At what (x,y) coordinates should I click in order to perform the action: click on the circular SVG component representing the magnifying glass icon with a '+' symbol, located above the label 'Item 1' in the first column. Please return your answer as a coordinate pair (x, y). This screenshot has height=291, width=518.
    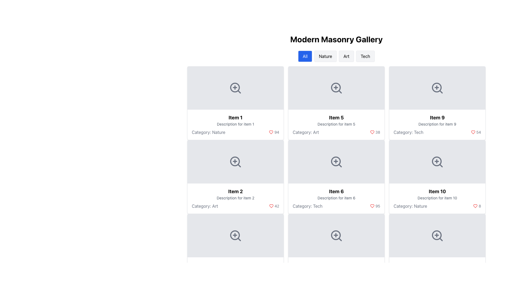
    Looking at the image, I should click on (235, 87).